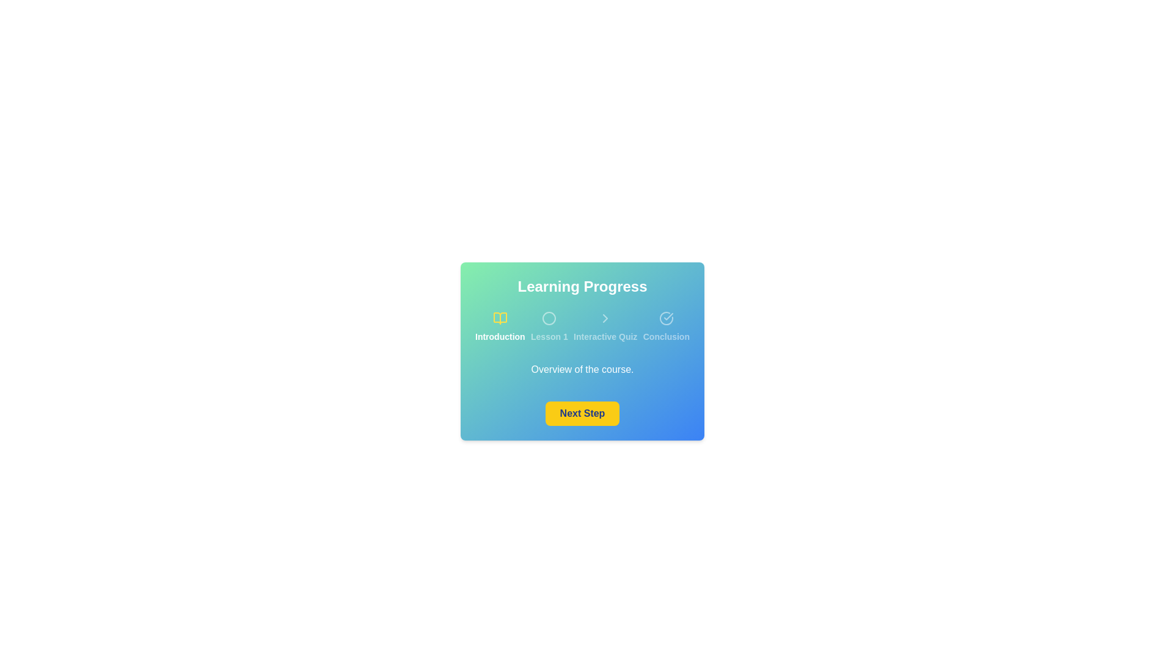  Describe the element at coordinates (549, 336) in the screenshot. I see `the text label displaying 'Lesson 1' in white font, located in the middle section of the 'Learning Progress' area, below the 'Introduction' text` at that location.